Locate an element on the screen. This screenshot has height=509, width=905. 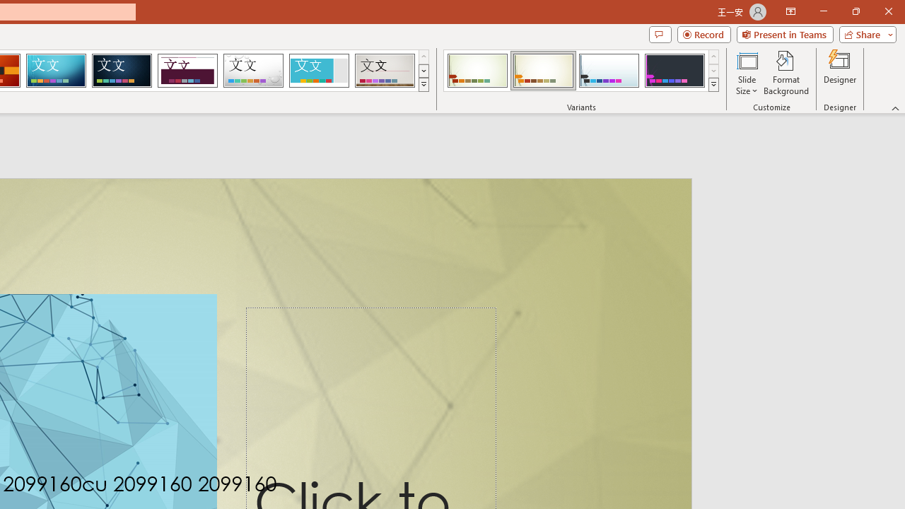
'Wisp Variant 4' is located at coordinates (674, 71).